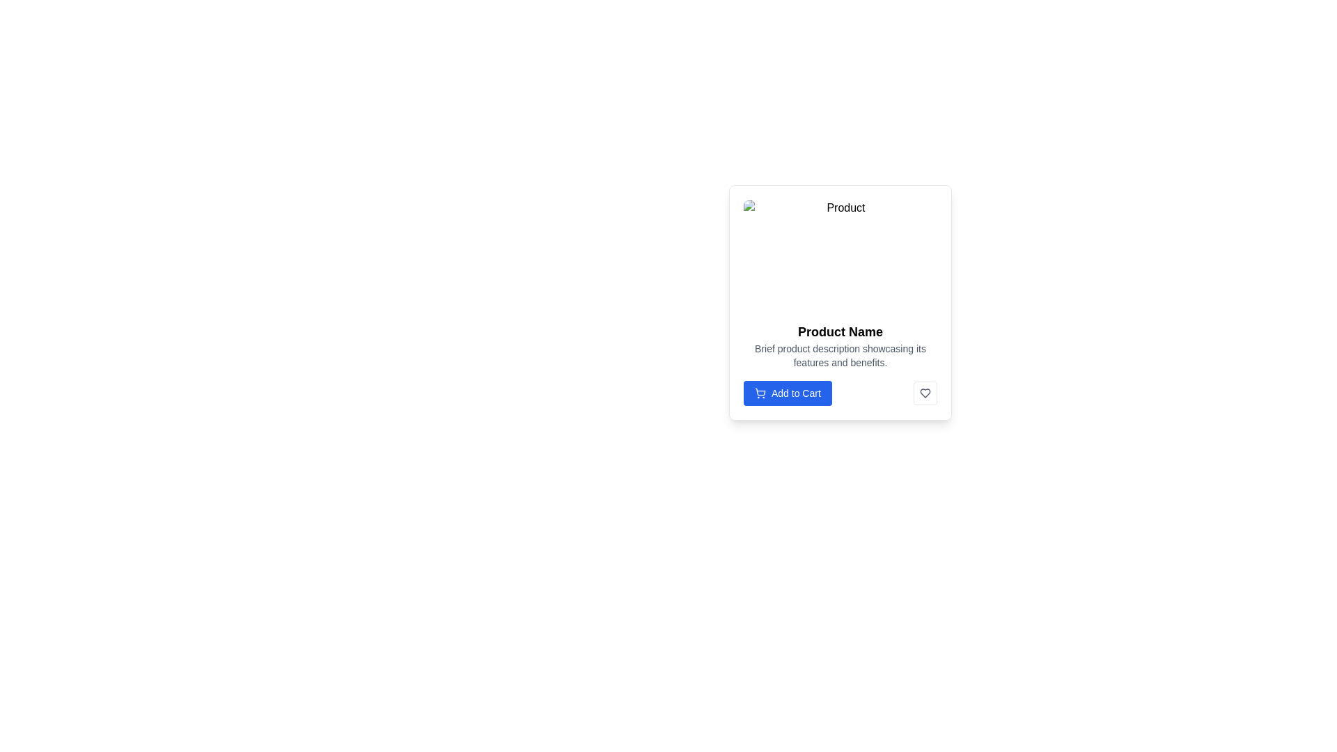 The width and height of the screenshot is (1337, 752). What do you see at coordinates (839, 255) in the screenshot?
I see `the product image that visually represents the product, located at the top of the card above the product name and buttons` at bounding box center [839, 255].